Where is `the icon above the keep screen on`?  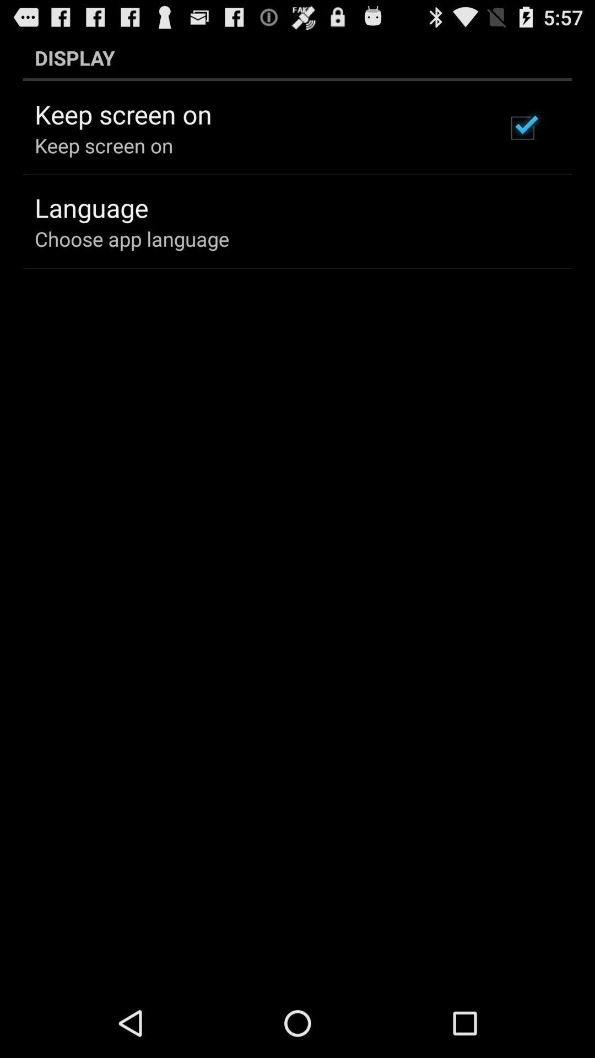
the icon above the keep screen on is located at coordinates (297, 57).